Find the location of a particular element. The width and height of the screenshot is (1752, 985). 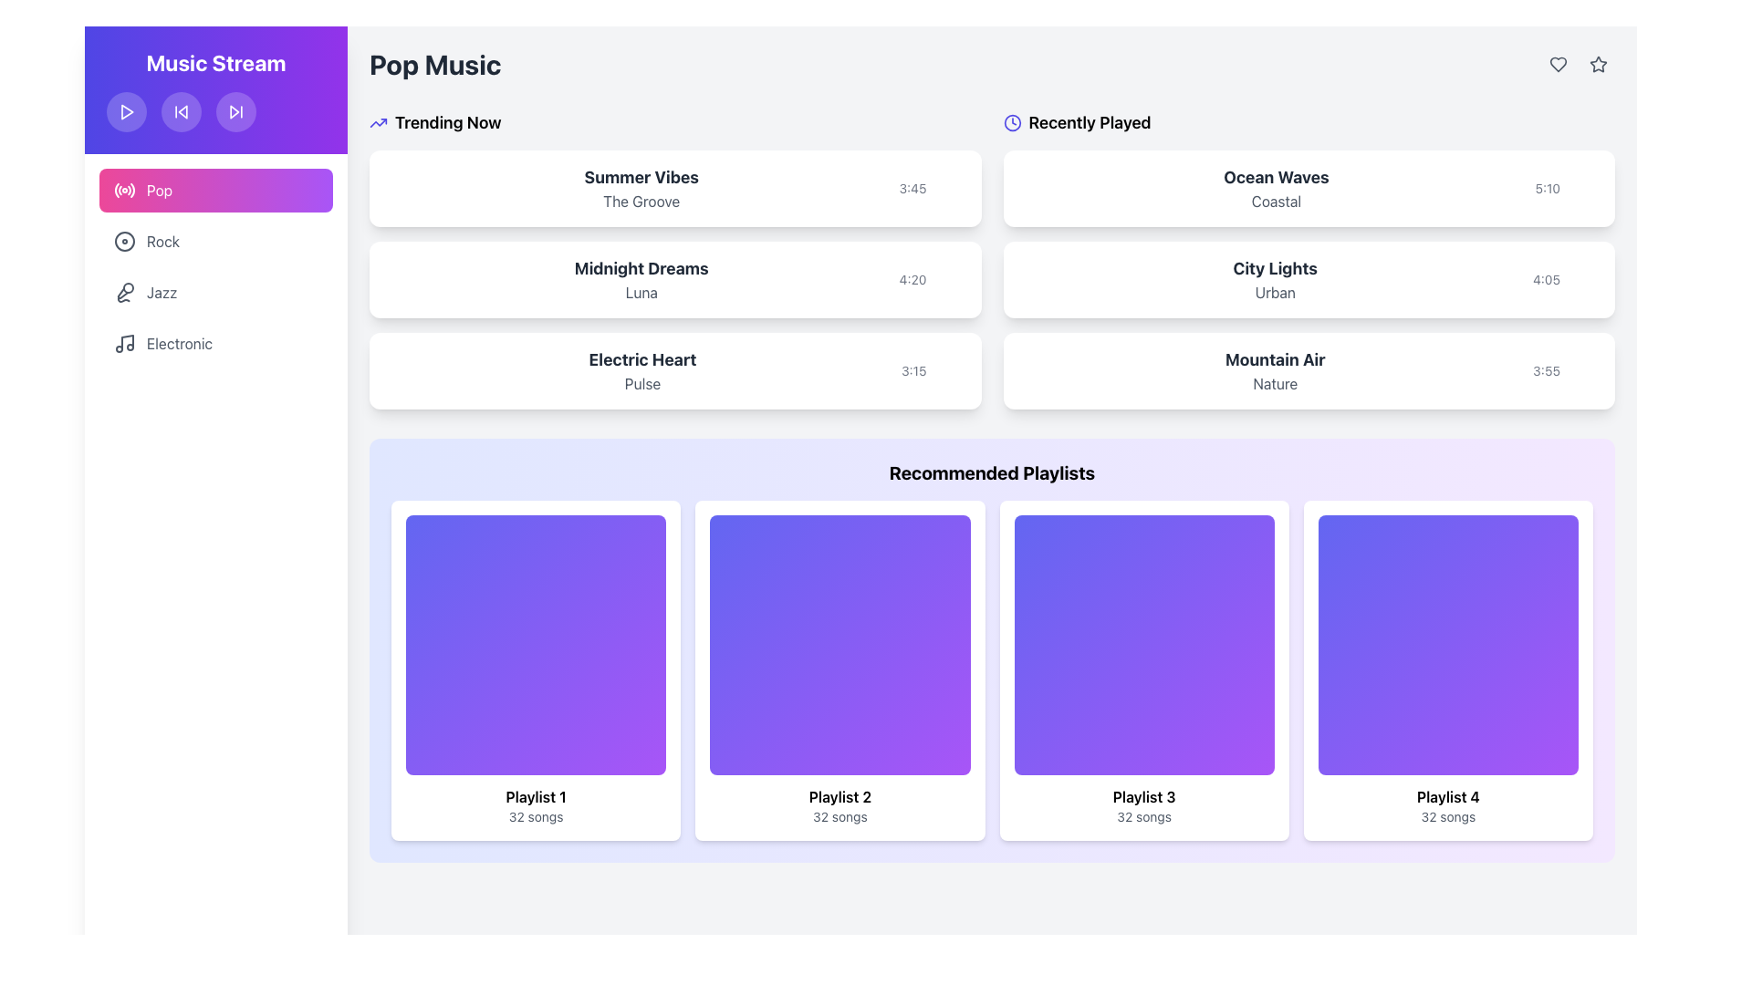

the circular button with a deep indigo background and a white play icon, located next to the '4:20' timestamp in the 'Recently Played' section for keyboard interaction is located at coordinates (951, 280).